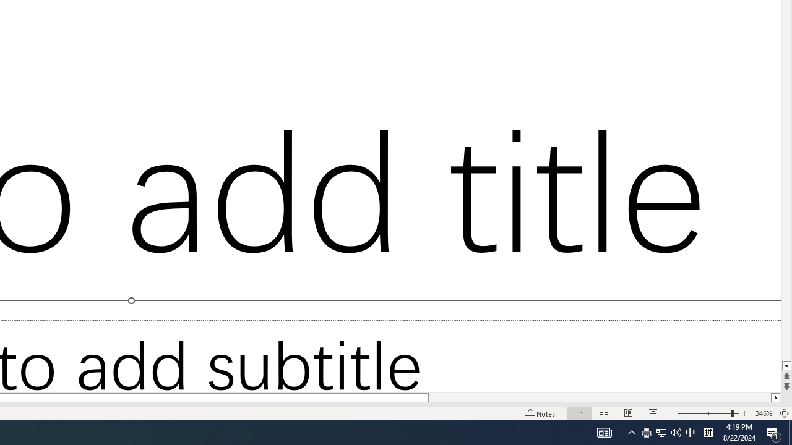  I want to click on 'Zoom 346%', so click(763, 413).